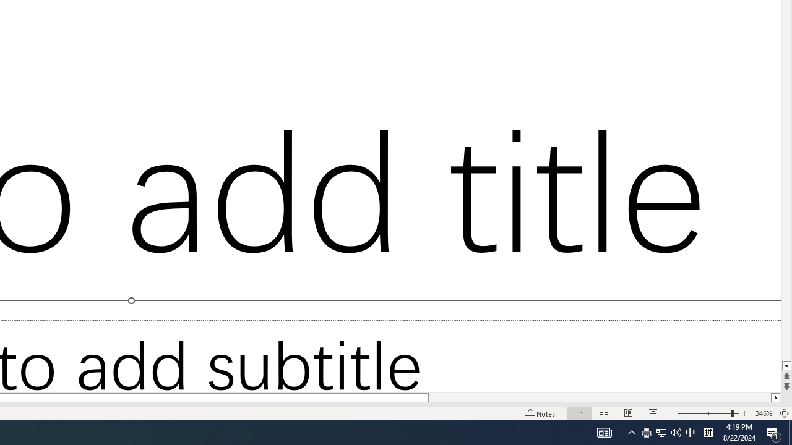  I want to click on 'Zoom 346%', so click(763, 413).